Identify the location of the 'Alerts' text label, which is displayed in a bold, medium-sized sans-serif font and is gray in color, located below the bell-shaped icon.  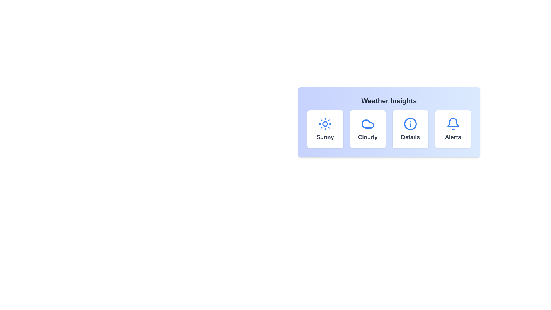
(453, 137).